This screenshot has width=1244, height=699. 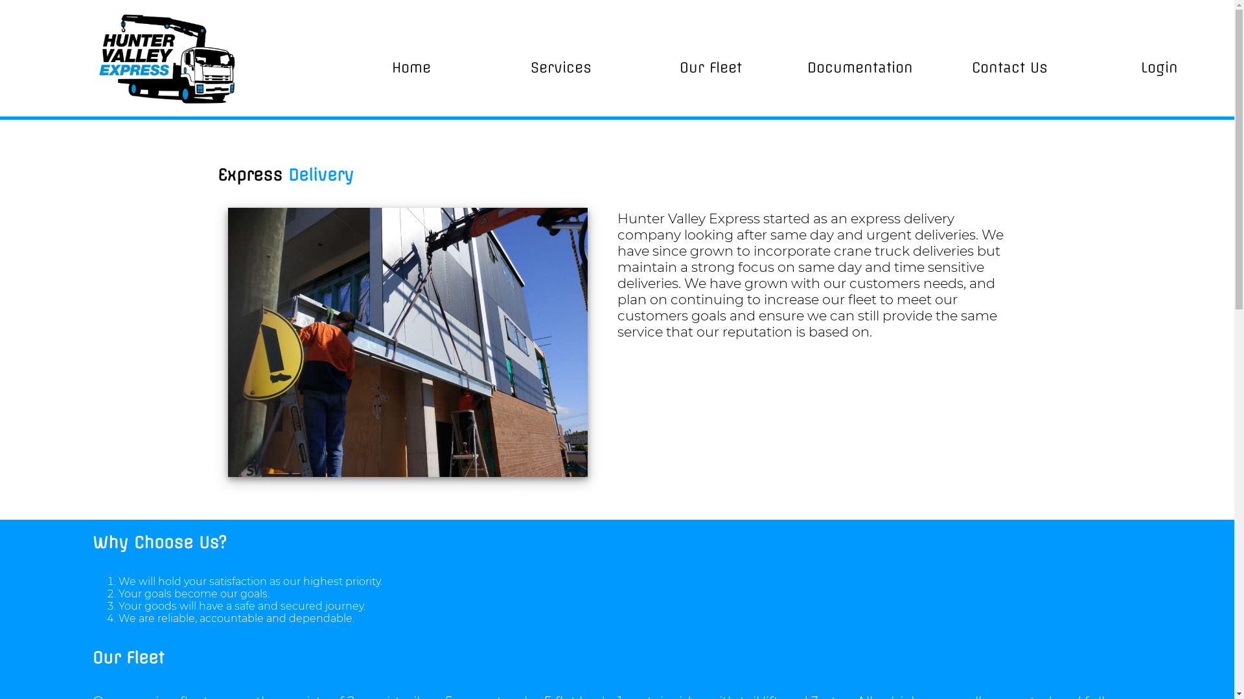 What do you see at coordinates (167, 57) in the screenshot?
I see `'HVE Logo'` at bounding box center [167, 57].